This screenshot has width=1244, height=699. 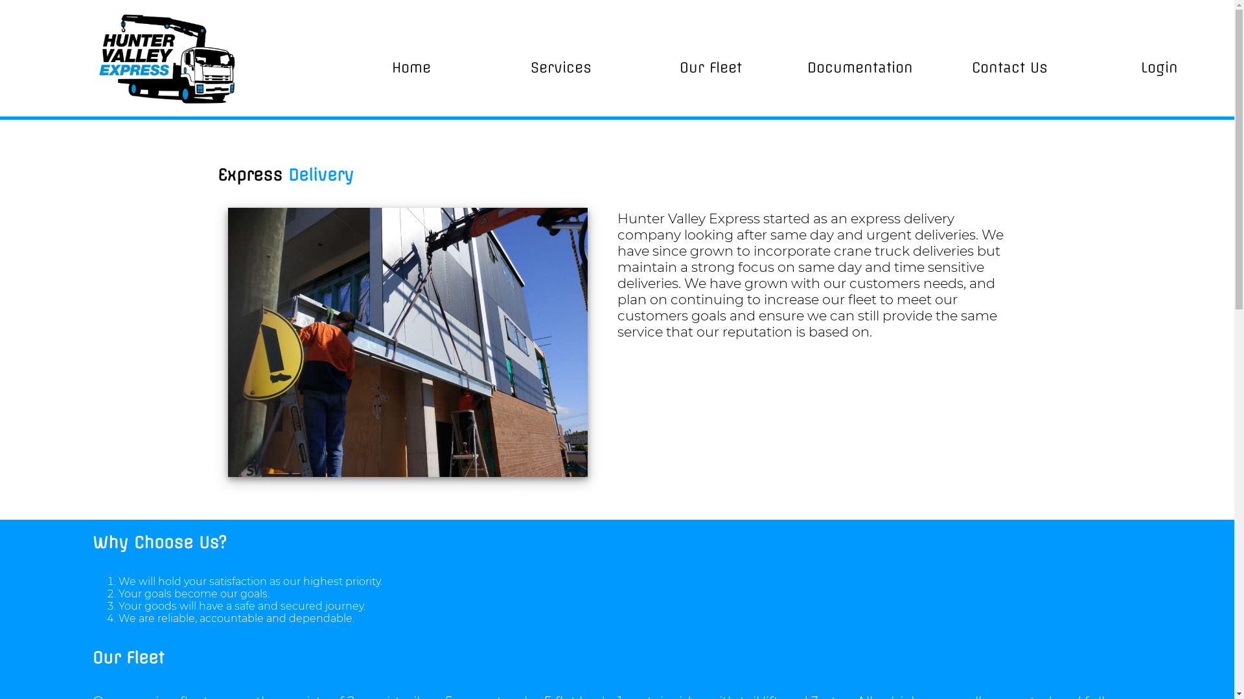 What do you see at coordinates (167, 57) in the screenshot?
I see `'HVE Logo'` at bounding box center [167, 57].